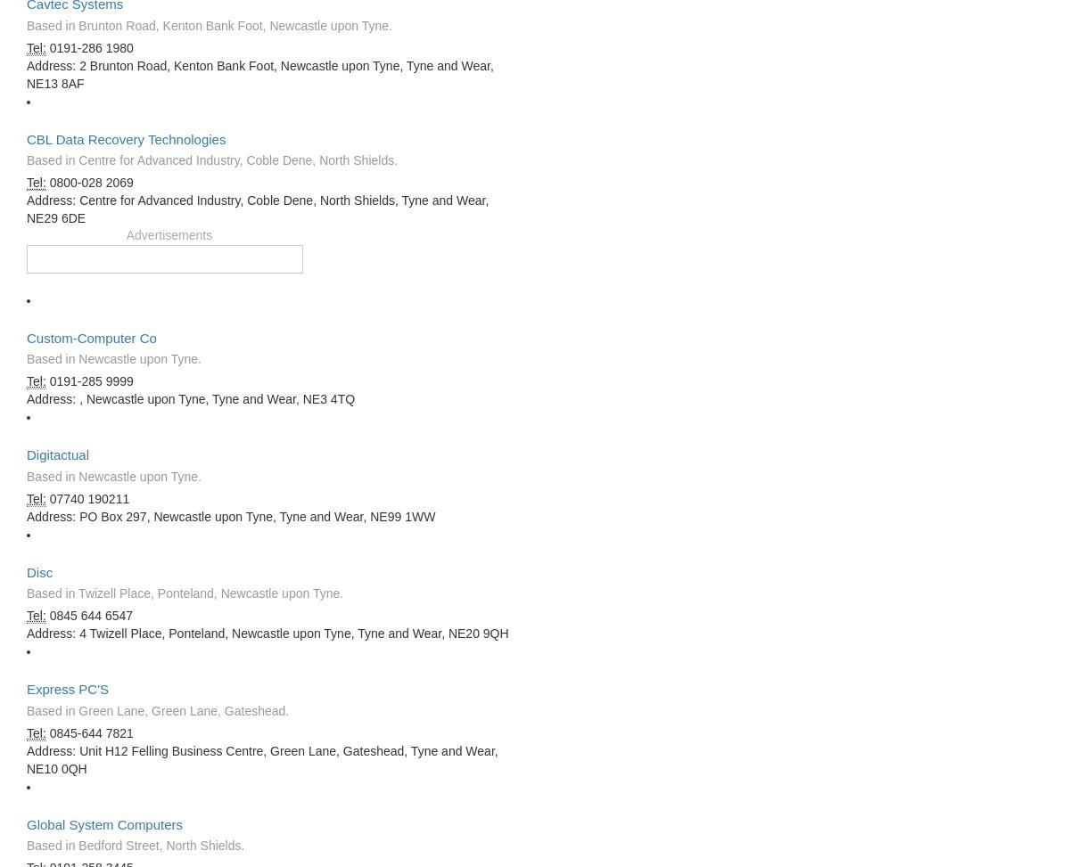 This screenshot has height=867, width=1070. What do you see at coordinates (87, 497) in the screenshot?
I see `'07740 190211'` at bounding box center [87, 497].